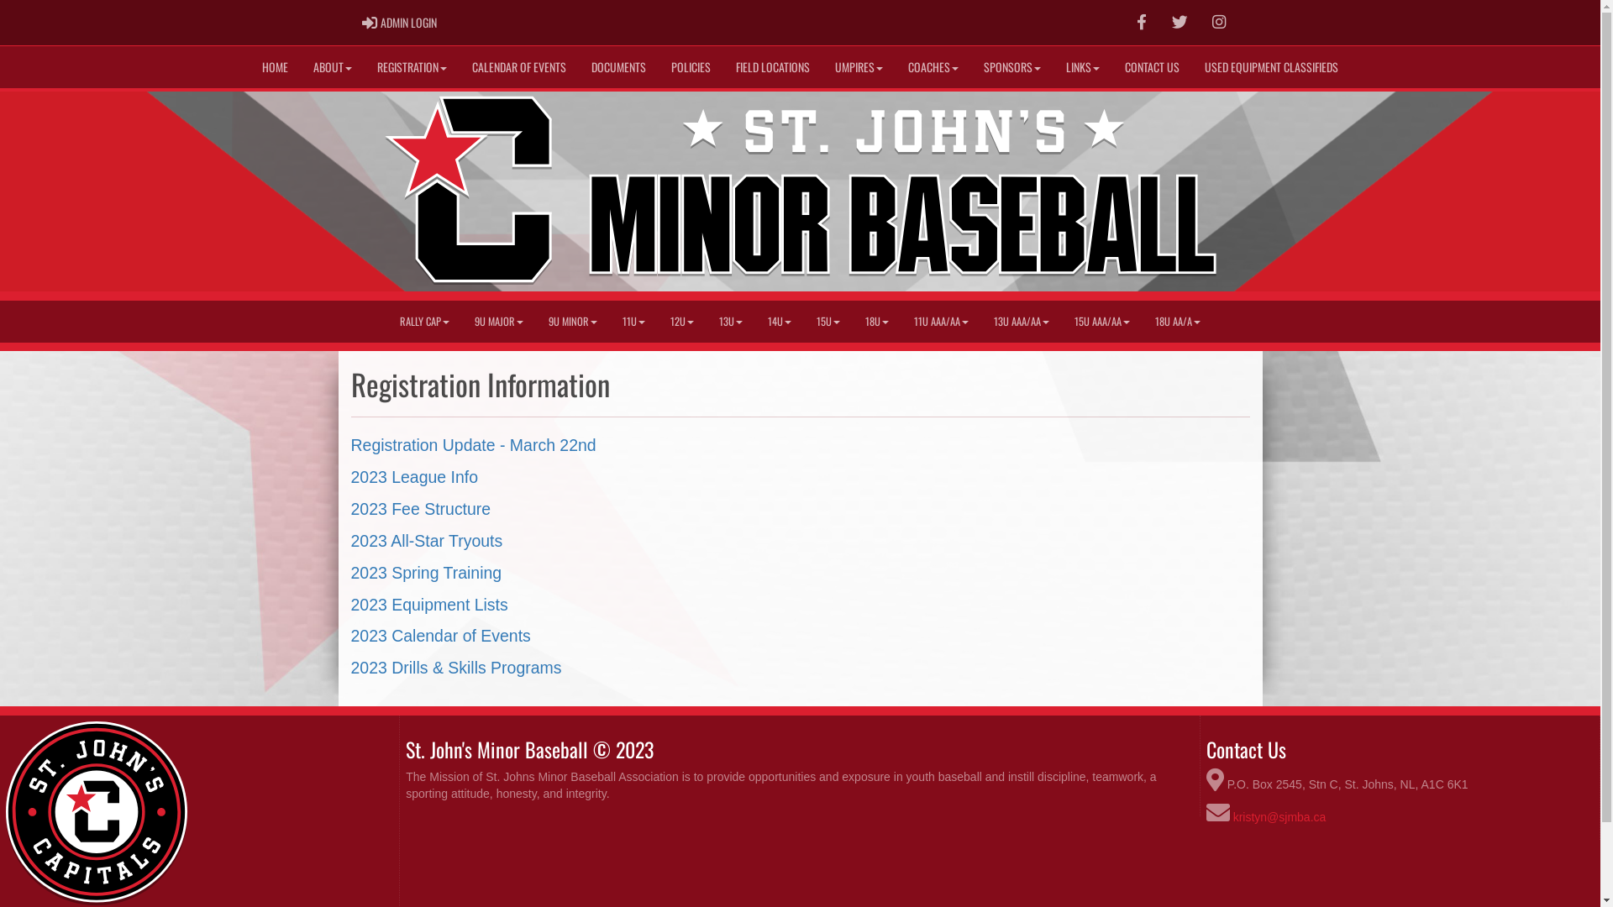  I want to click on 'RALLY CAP', so click(424, 321).